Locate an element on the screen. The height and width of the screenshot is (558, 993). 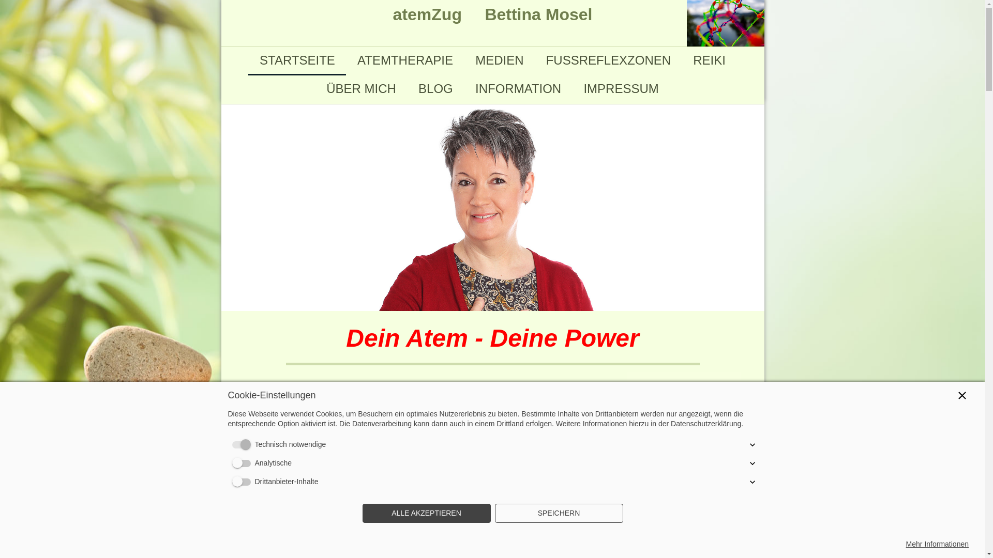
'ALLE AKZEPTIEREN' is located at coordinates (426, 514).